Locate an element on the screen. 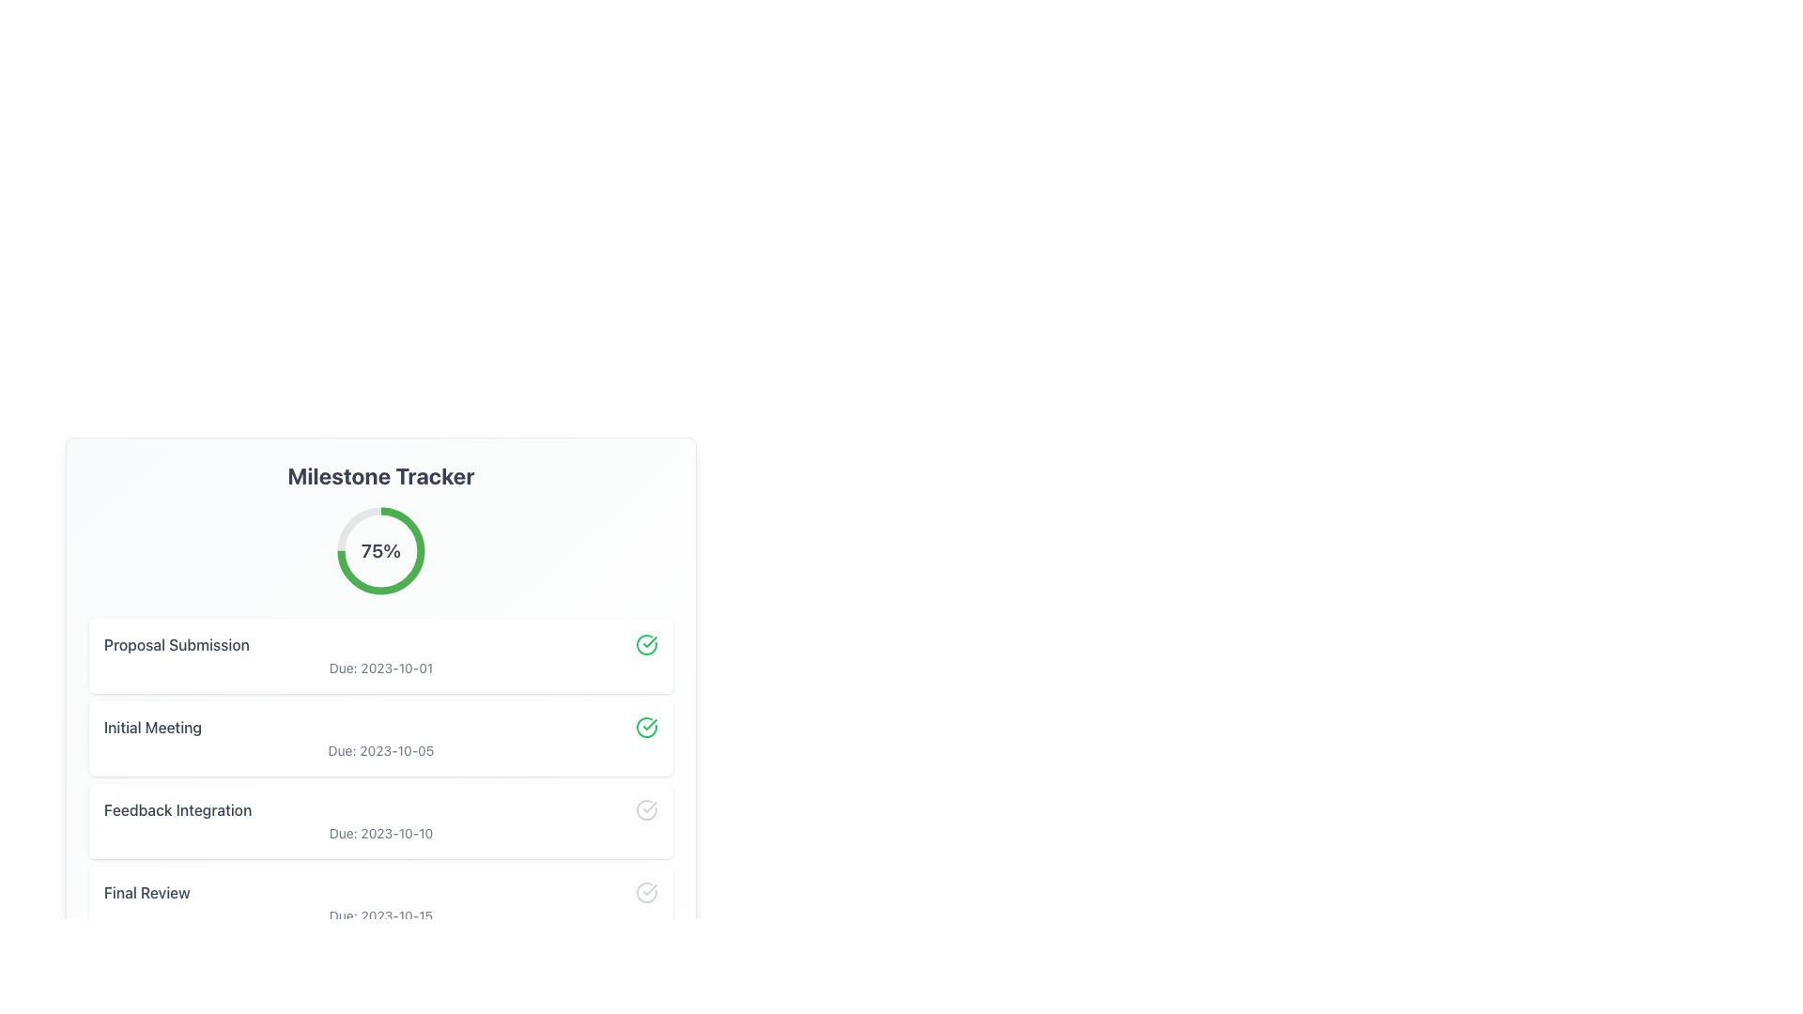  the text label displaying 'Due: 2023-10-15' located at the bottom right of the 'Final Review' card is located at coordinates (380, 914).